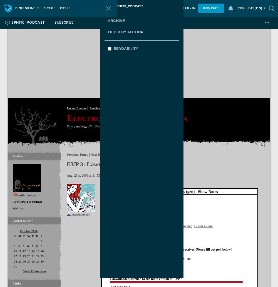  I want to click on '19', so click(24, 256).